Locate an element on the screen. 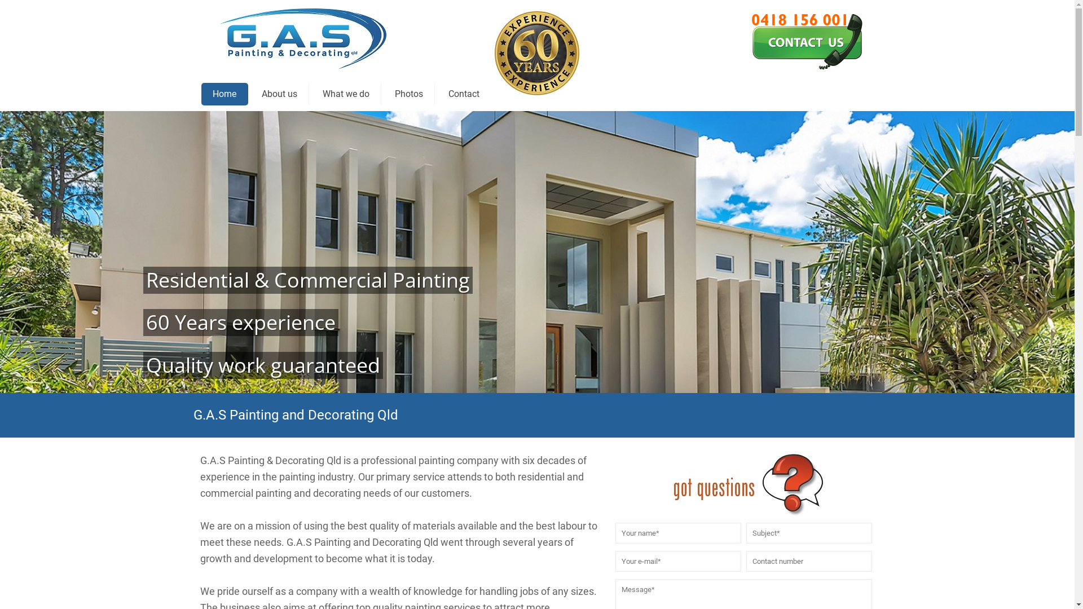  'Photos' is located at coordinates (408, 93).